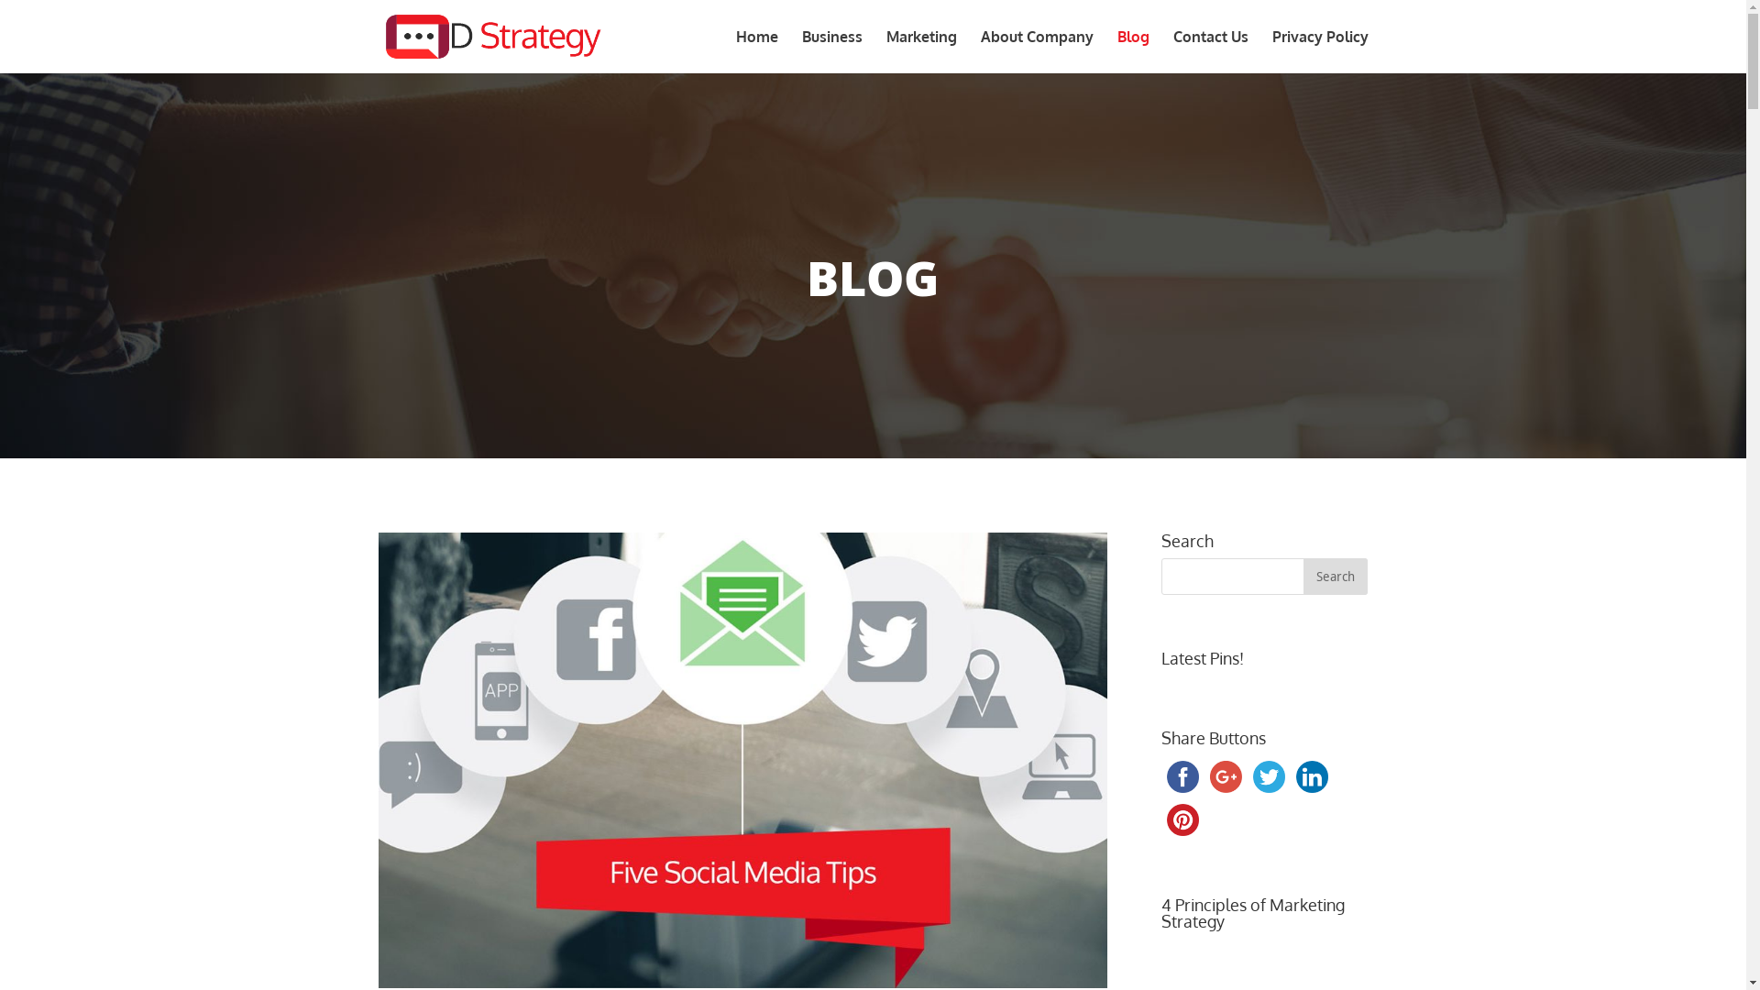 This screenshot has width=1760, height=990. Describe the element at coordinates (830, 50) in the screenshot. I see `'Business'` at that location.